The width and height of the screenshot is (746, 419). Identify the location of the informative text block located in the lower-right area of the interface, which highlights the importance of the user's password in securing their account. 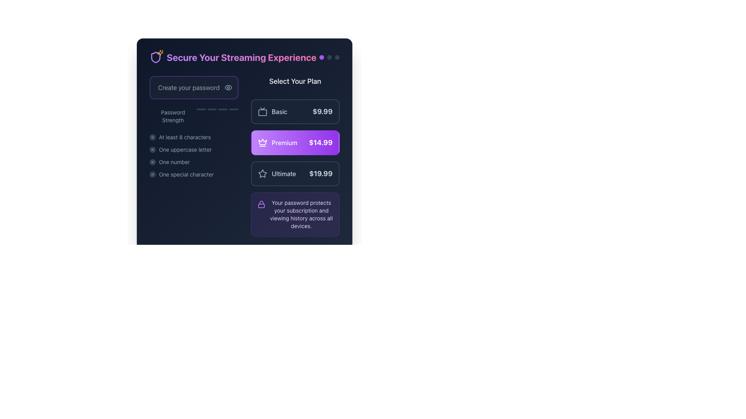
(295, 214).